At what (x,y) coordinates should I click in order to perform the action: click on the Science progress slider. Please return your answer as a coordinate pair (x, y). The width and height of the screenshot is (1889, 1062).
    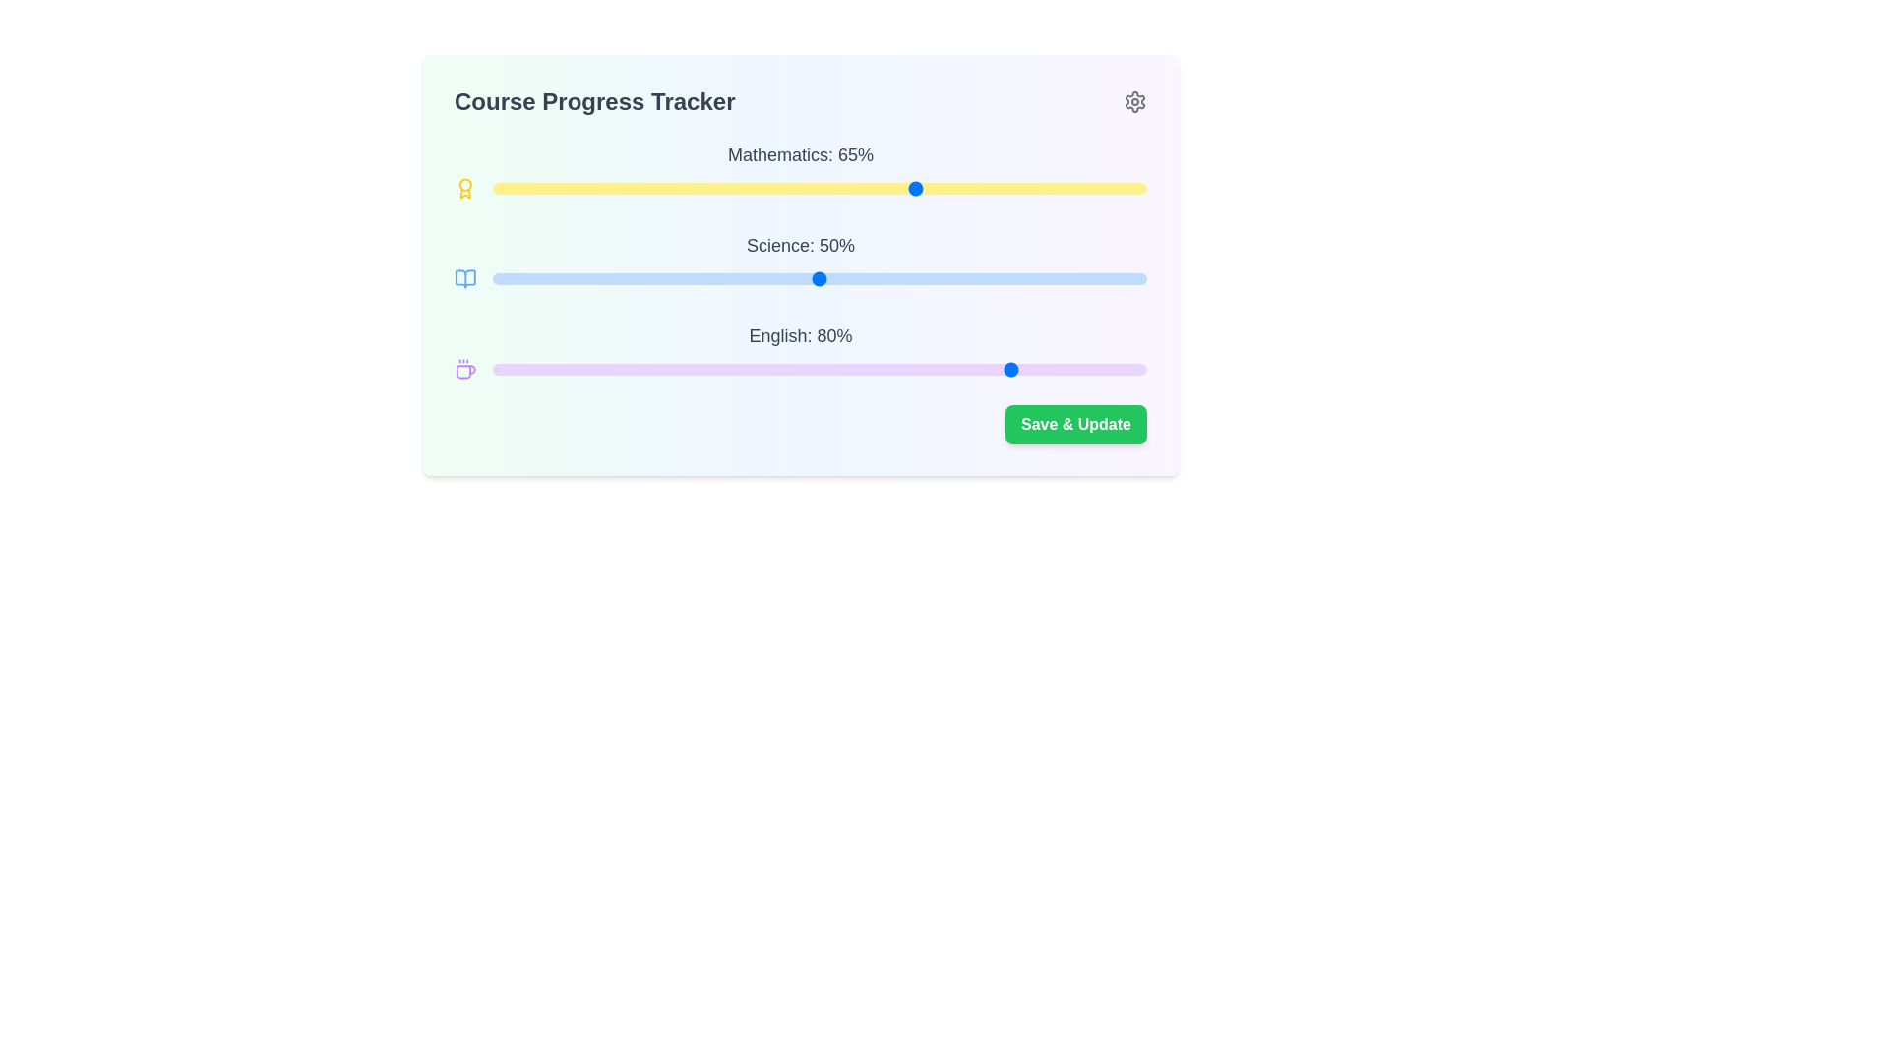
    Looking at the image, I should click on (628, 279).